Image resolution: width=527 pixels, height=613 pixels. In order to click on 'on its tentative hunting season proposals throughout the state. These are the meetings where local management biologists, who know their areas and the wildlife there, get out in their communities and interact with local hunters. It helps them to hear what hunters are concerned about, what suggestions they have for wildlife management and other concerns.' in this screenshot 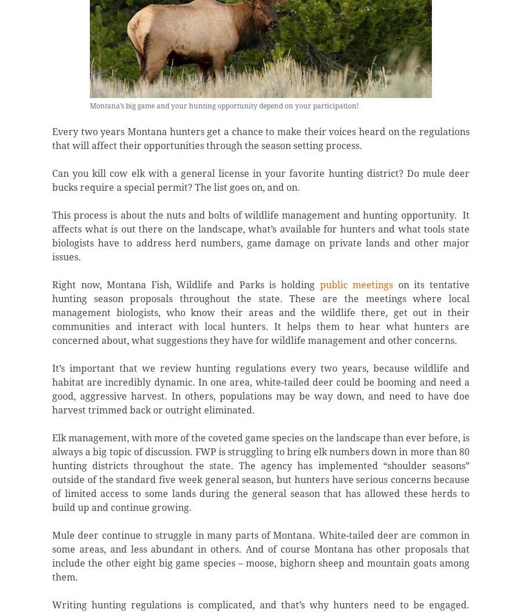, I will do `click(51, 312)`.